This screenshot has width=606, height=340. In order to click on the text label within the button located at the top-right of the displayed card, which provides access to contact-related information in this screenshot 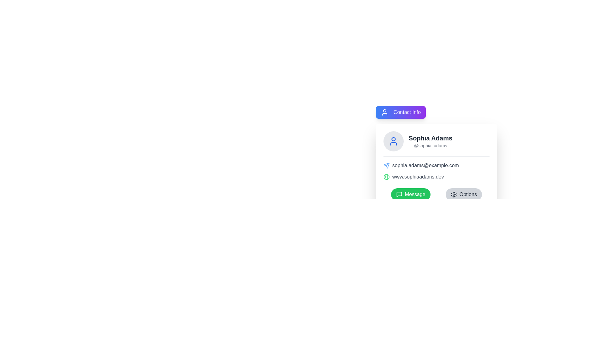, I will do `click(407, 112)`.